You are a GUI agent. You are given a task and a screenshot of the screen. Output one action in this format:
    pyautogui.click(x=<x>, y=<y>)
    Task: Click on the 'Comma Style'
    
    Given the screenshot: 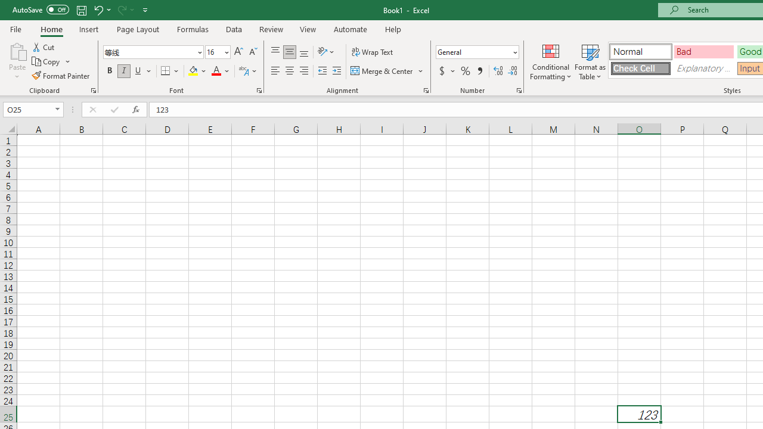 What is the action you would take?
    pyautogui.click(x=480, y=71)
    